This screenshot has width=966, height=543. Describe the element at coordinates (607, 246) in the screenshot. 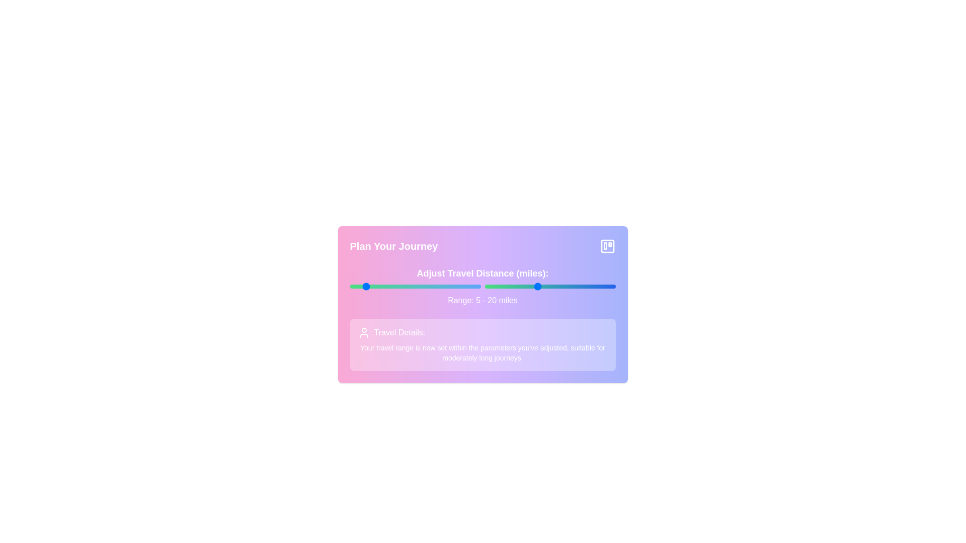

I see `the icon located at the top-right corner of the 'Plan Your Journey' section, adjacent to the title text` at that location.